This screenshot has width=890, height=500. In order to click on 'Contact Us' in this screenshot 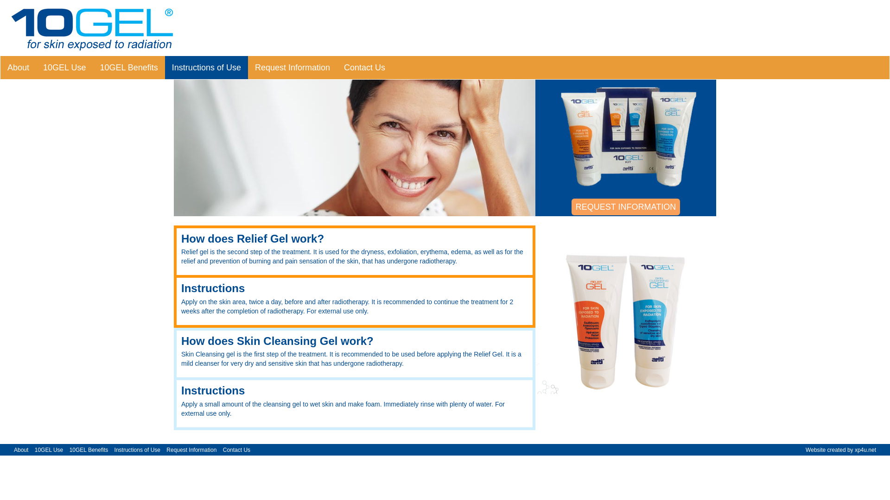, I will do `click(364, 67)`.